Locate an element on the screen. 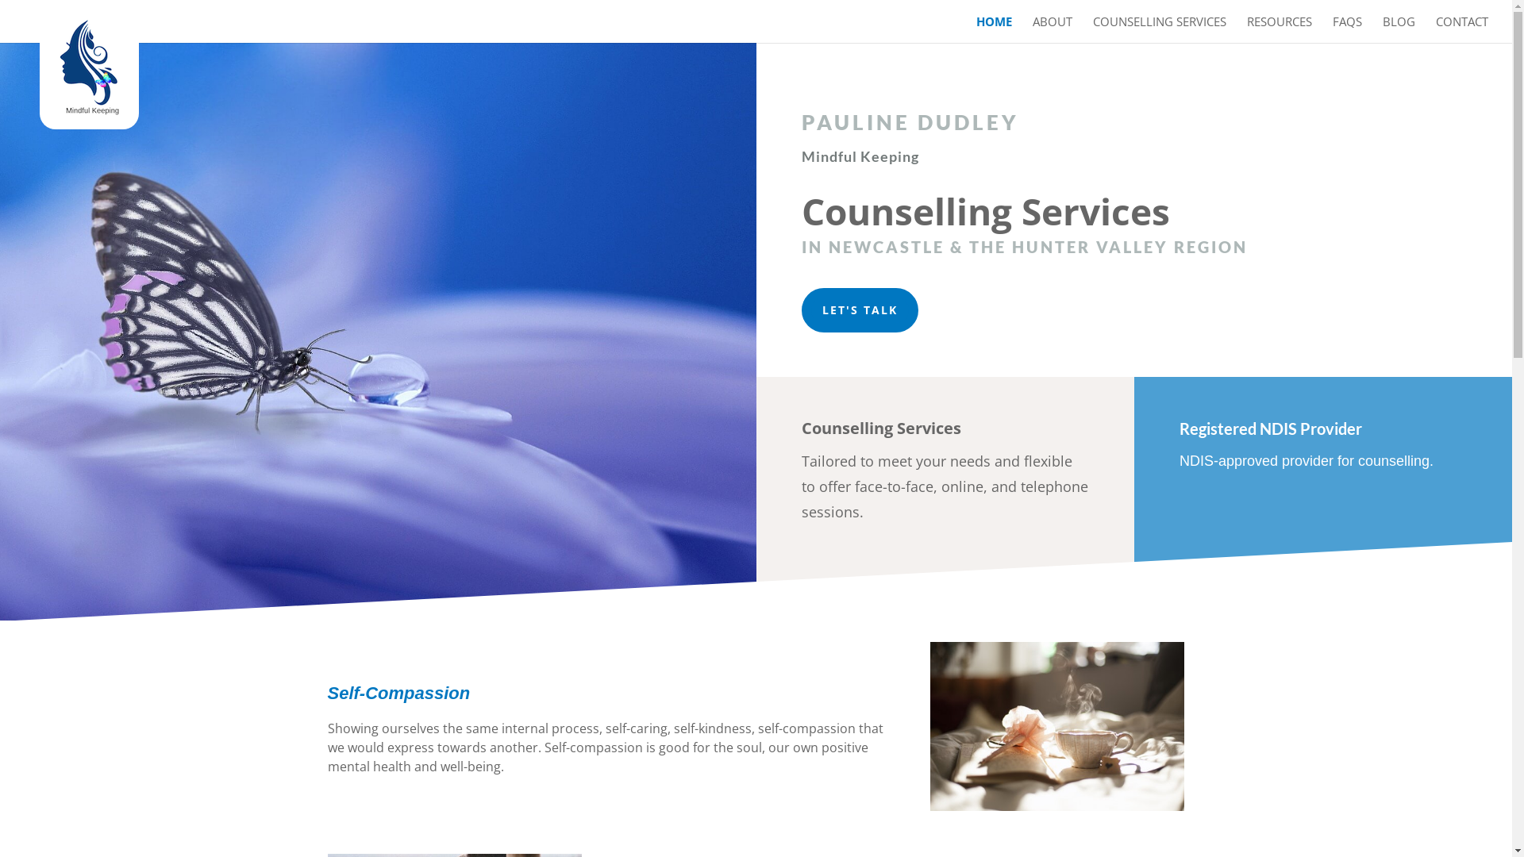 The height and width of the screenshot is (857, 1524). 'RESOURCES' is located at coordinates (1280, 29).